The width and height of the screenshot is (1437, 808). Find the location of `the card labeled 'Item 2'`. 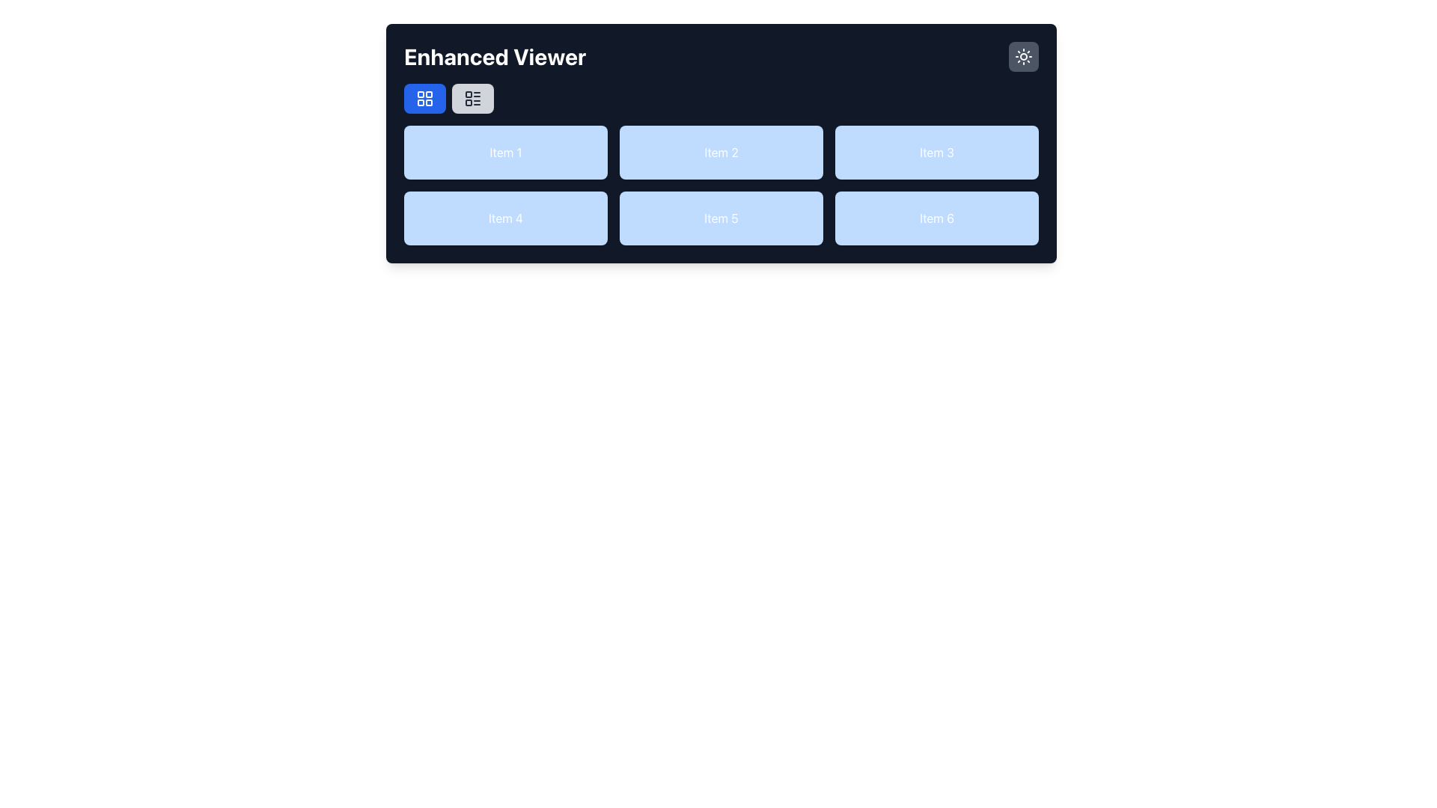

the card labeled 'Item 2' is located at coordinates (721, 144).